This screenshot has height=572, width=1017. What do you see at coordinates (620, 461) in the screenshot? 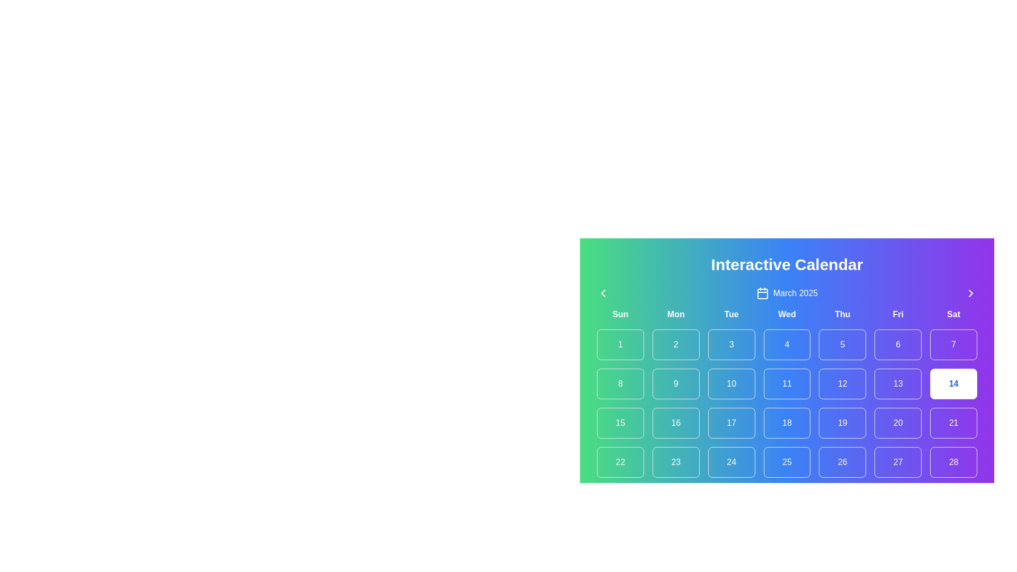
I see `the selectable calendar day displaying the number '22'` at bounding box center [620, 461].